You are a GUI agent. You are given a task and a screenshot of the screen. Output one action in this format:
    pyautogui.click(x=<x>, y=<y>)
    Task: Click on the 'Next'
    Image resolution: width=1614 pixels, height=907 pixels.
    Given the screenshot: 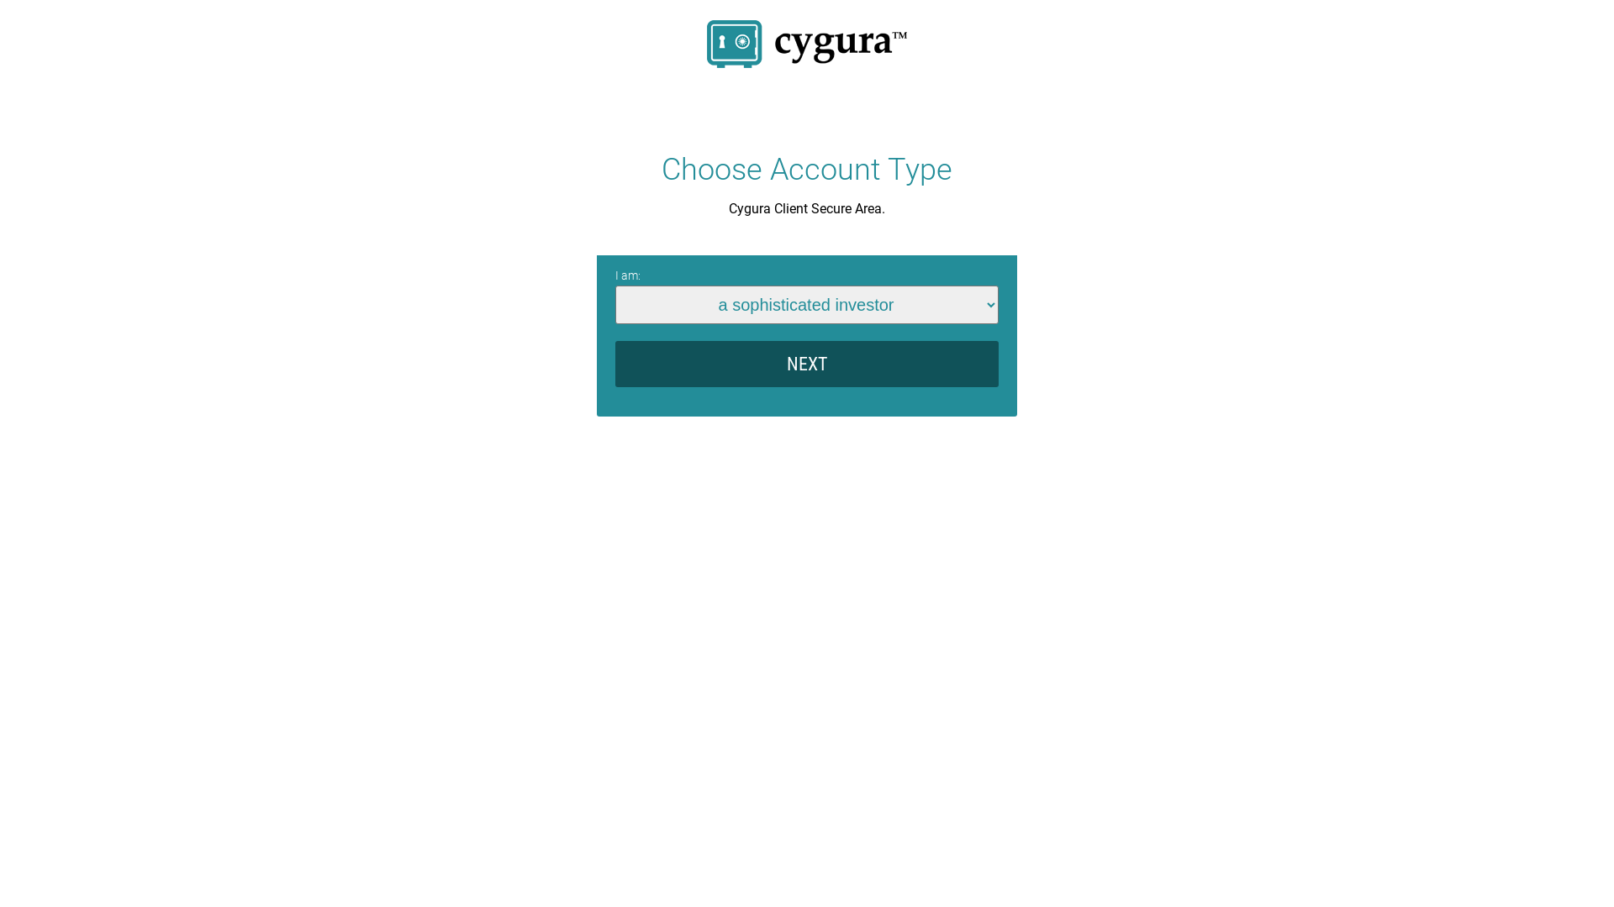 What is the action you would take?
    pyautogui.click(x=807, y=363)
    